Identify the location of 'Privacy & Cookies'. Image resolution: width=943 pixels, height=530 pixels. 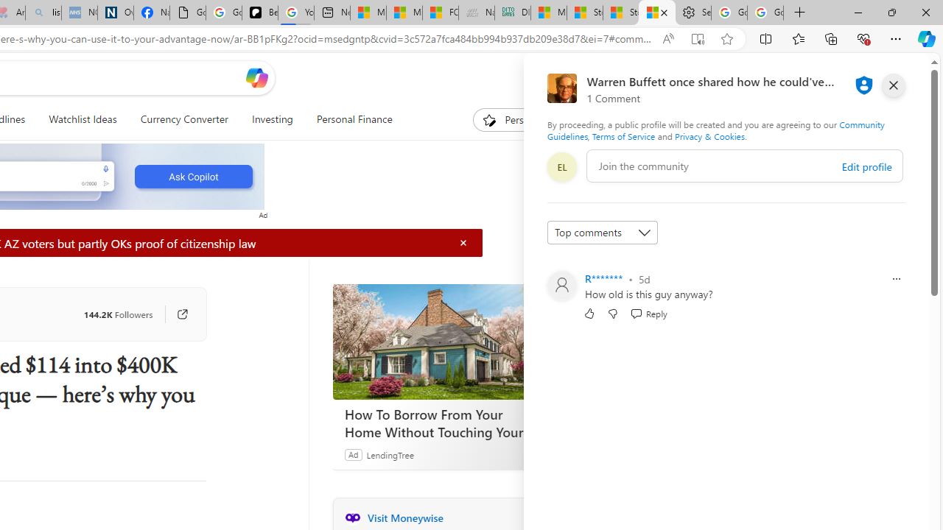
(710, 136).